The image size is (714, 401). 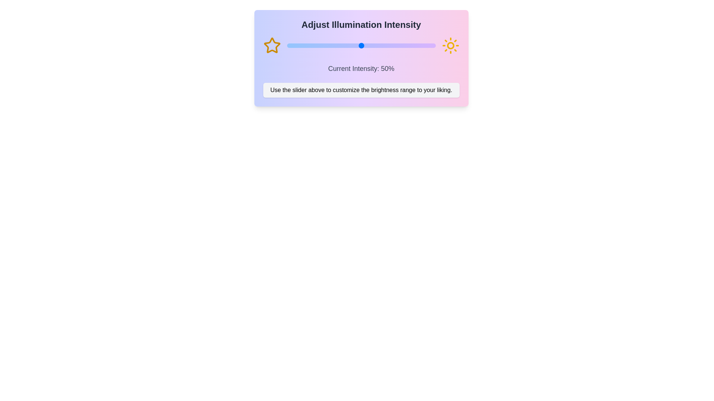 I want to click on the slider to set the intensity to 76%, so click(x=399, y=46).